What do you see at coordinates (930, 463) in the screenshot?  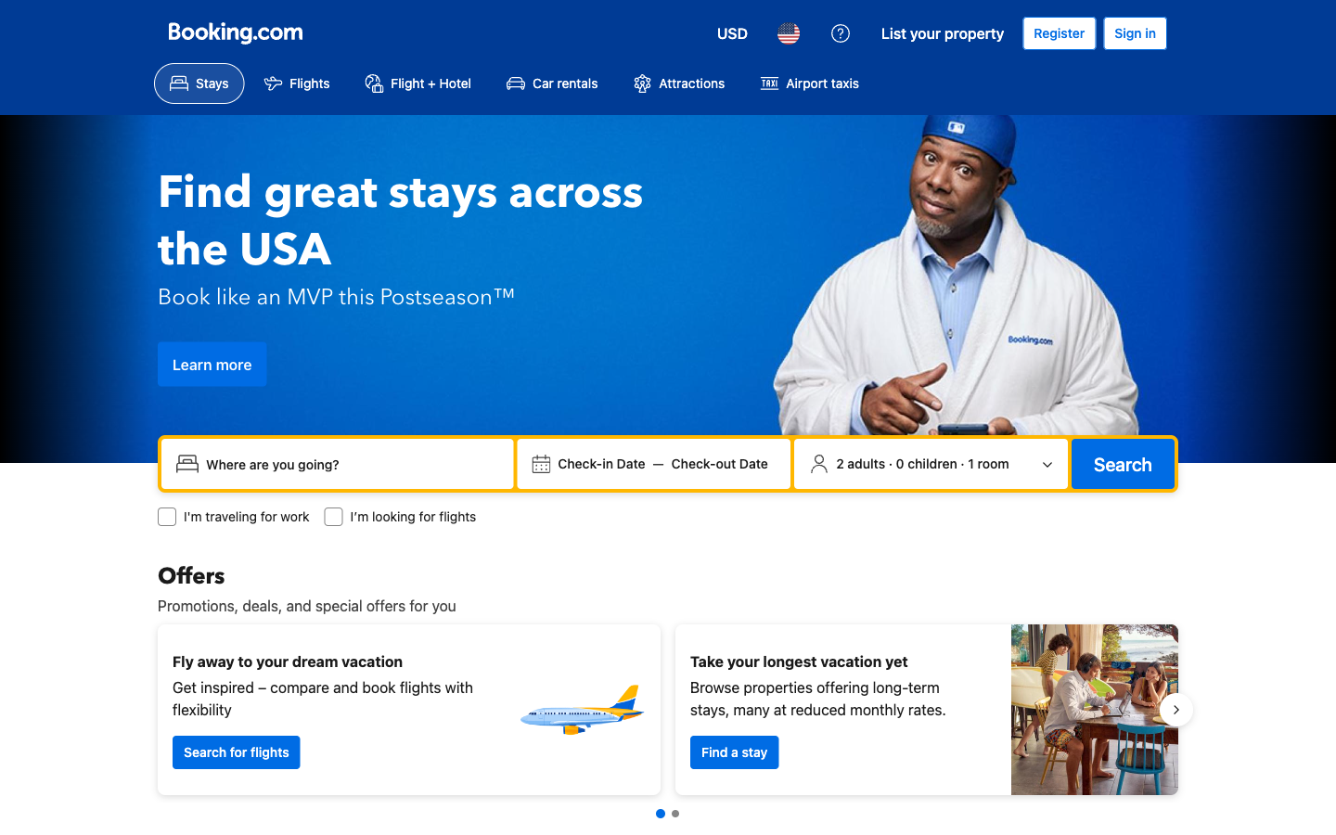 I see `Change the number of residents in the room` at bounding box center [930, 463].